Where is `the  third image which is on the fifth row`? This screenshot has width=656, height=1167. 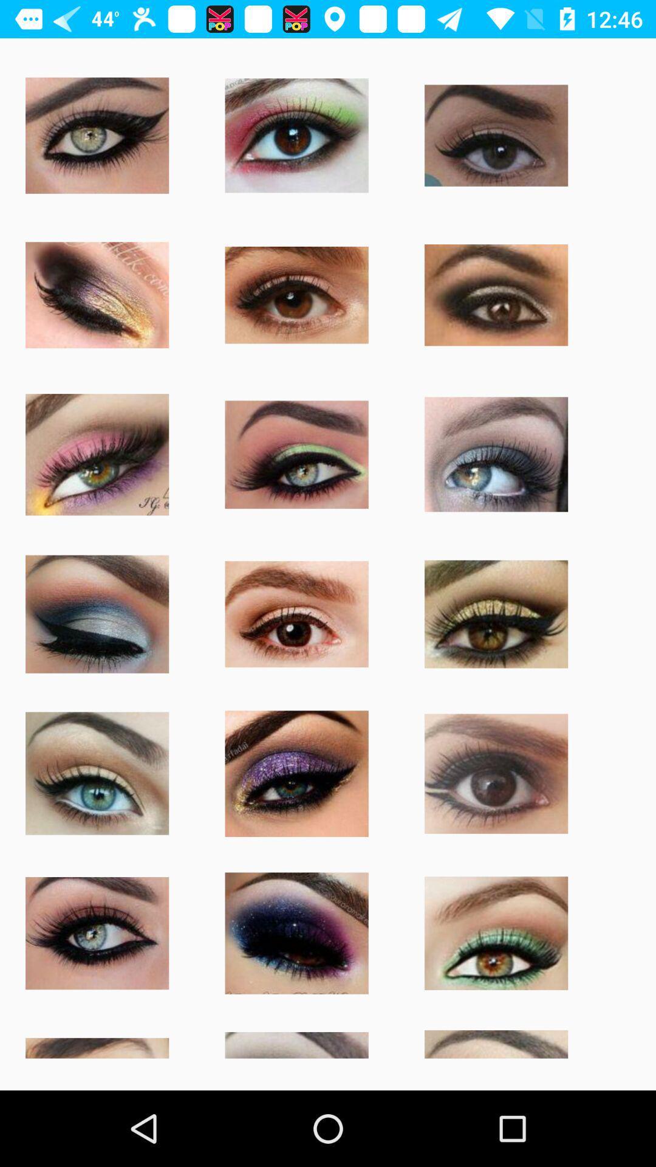 the  third image which is on the fifth row is located at coordinates (297, 773).